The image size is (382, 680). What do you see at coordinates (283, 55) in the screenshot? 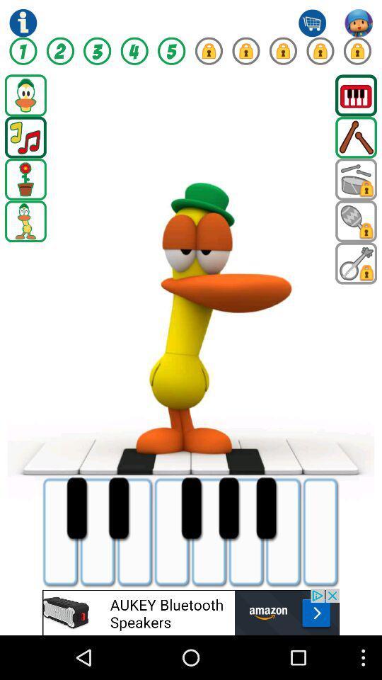
I see `the lock icon` at bounding box center [283, 55].